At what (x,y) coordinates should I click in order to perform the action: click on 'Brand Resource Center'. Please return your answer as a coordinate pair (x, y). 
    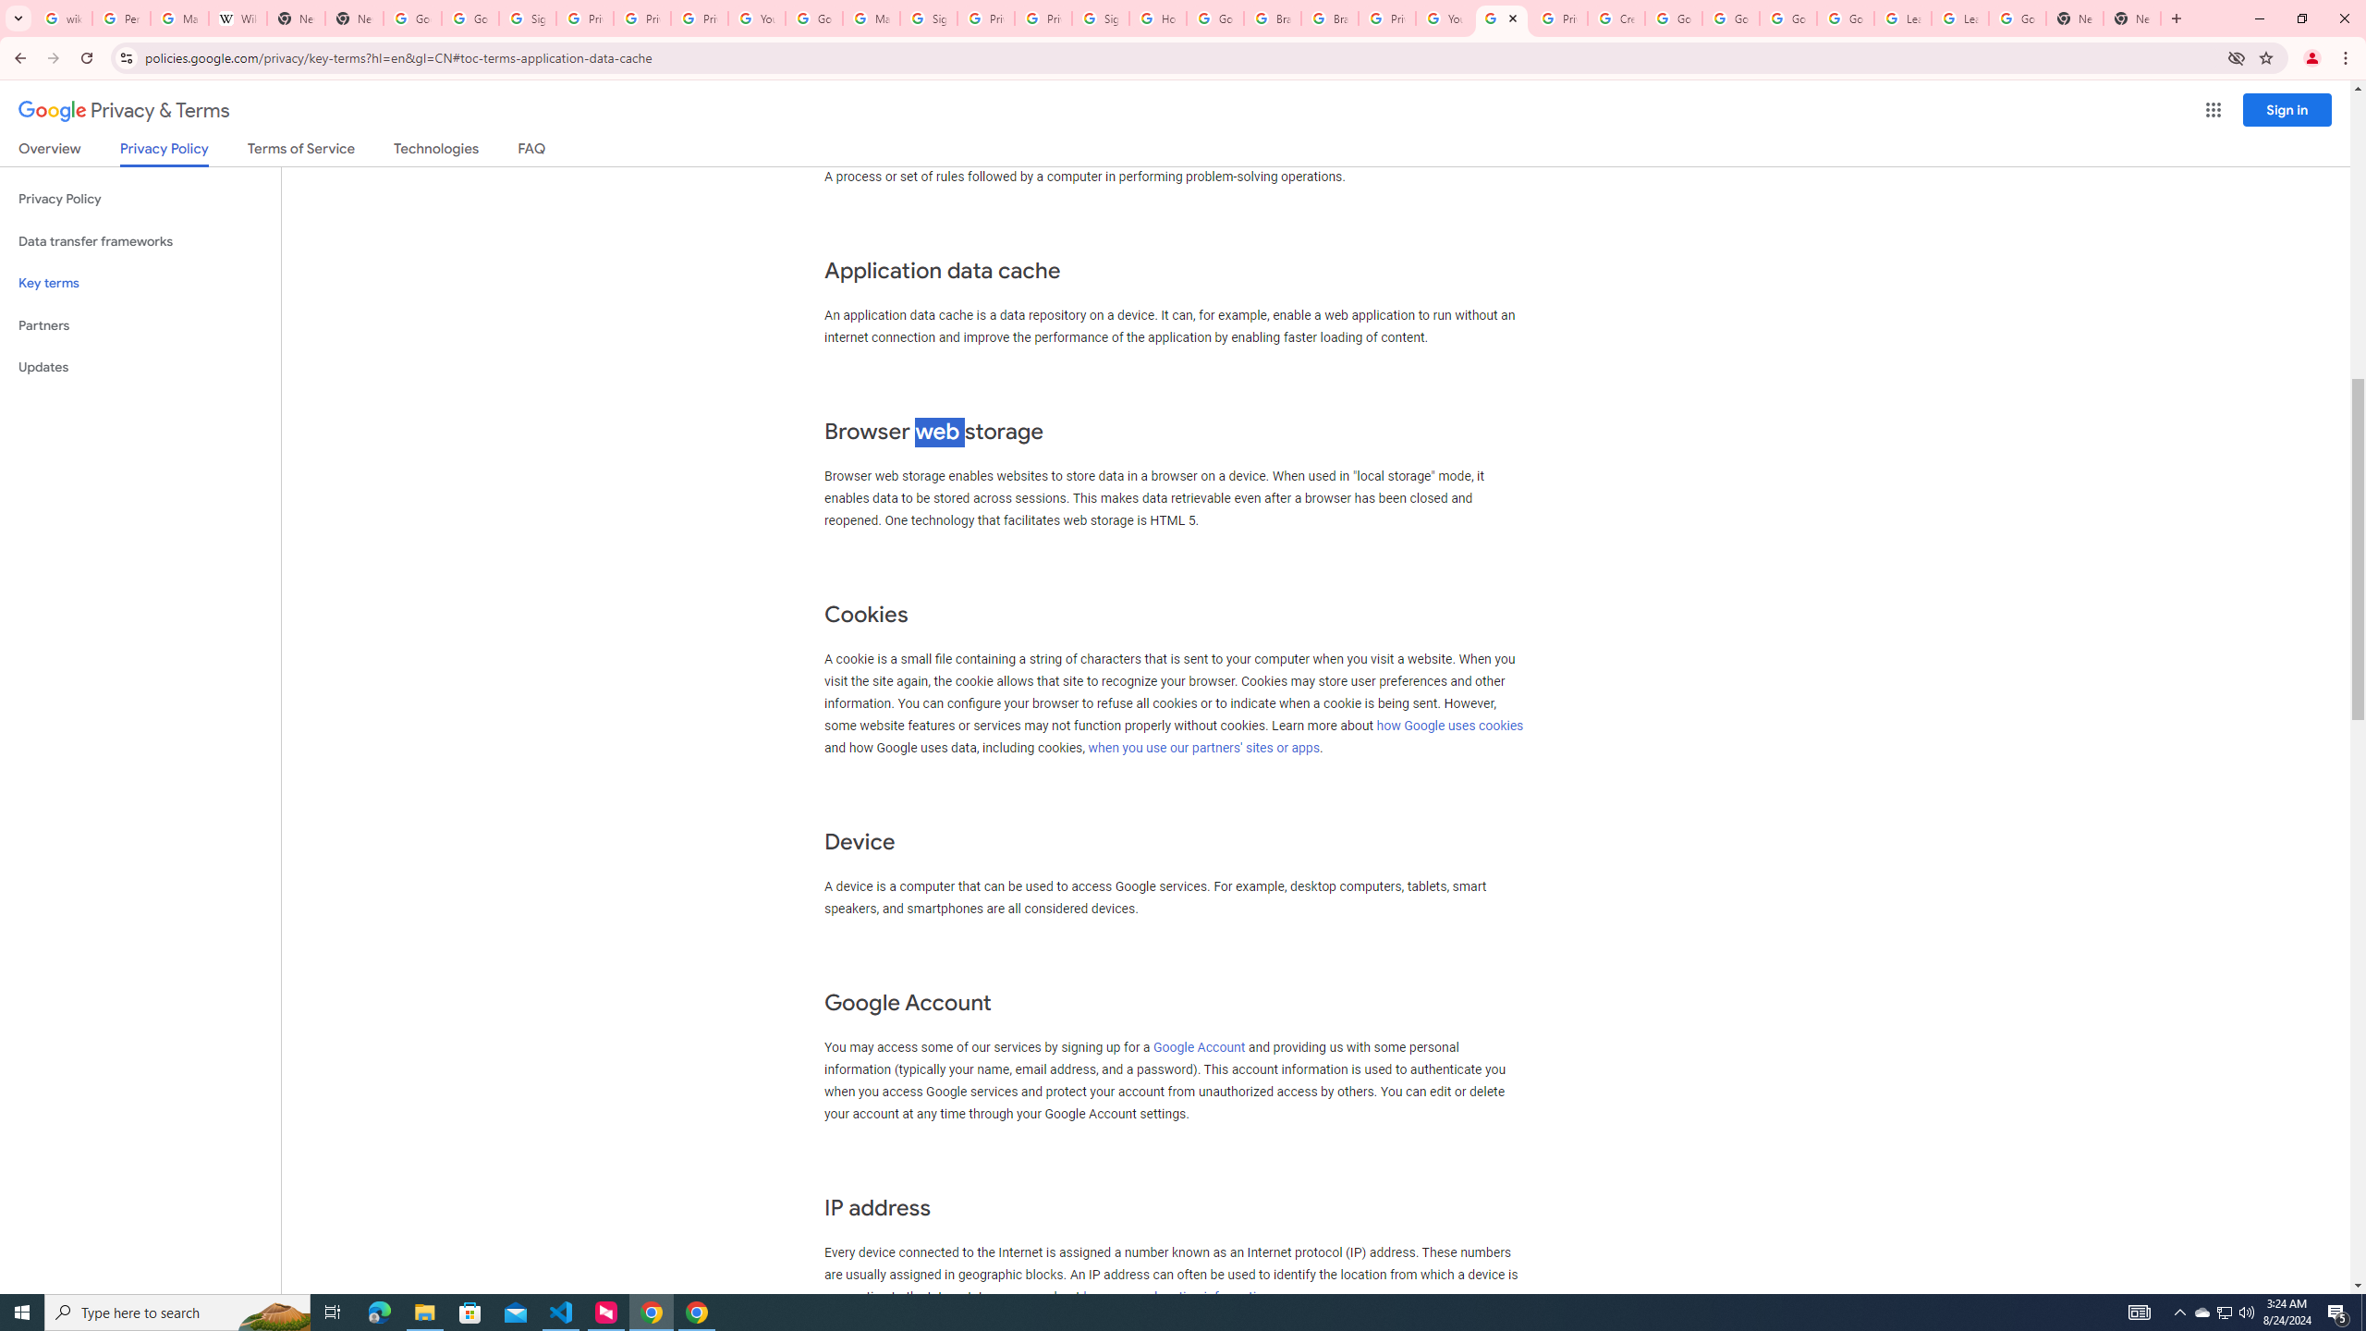
    Looking at the image, I should click on (1329, 18).